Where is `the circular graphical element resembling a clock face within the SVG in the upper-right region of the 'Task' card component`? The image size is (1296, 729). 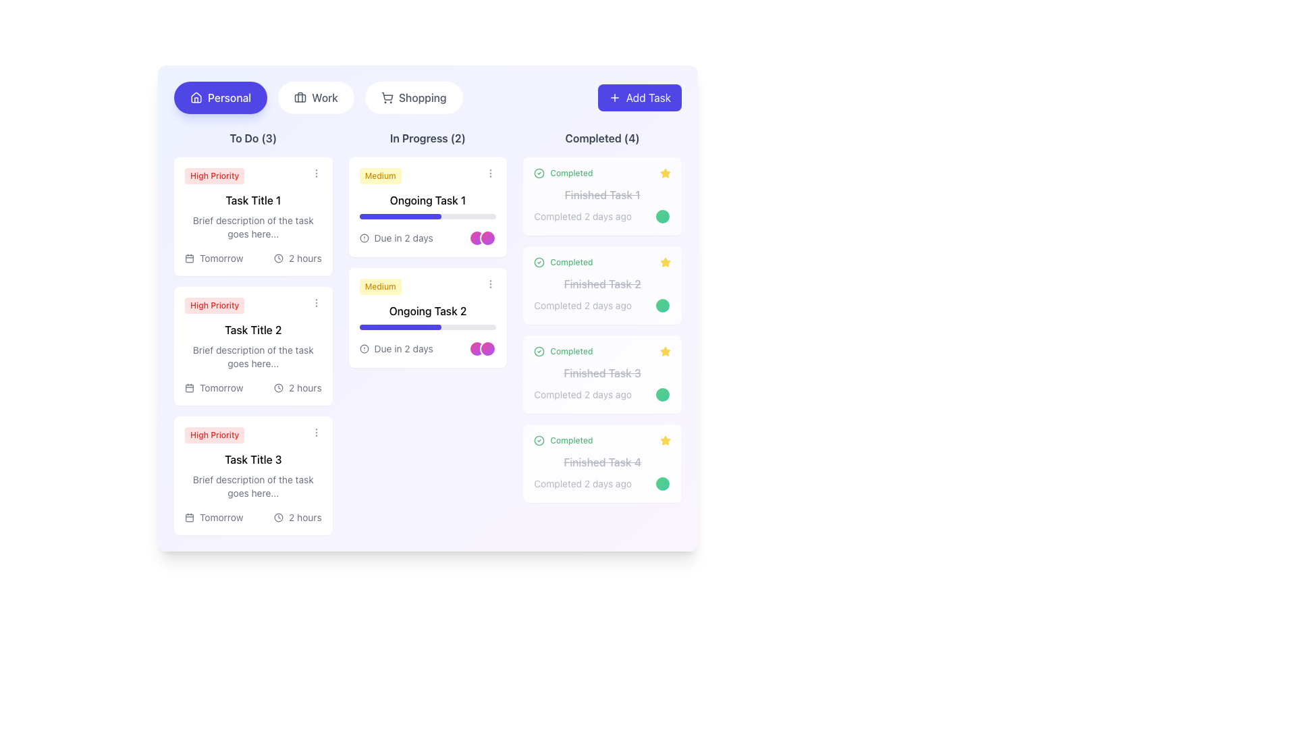 the circular graphical element resembling a clock face within the SVG in the upper-right region of the 'Task' card component is located at coordinates (278, 387).